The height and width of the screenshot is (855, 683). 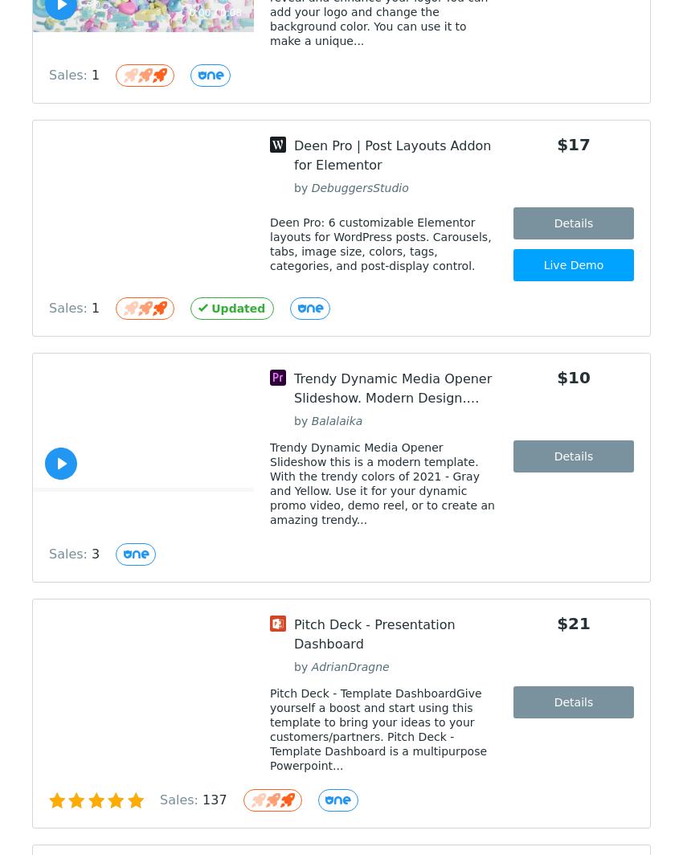 I want to click on 'Live Demo', so click(x=572, y=265).